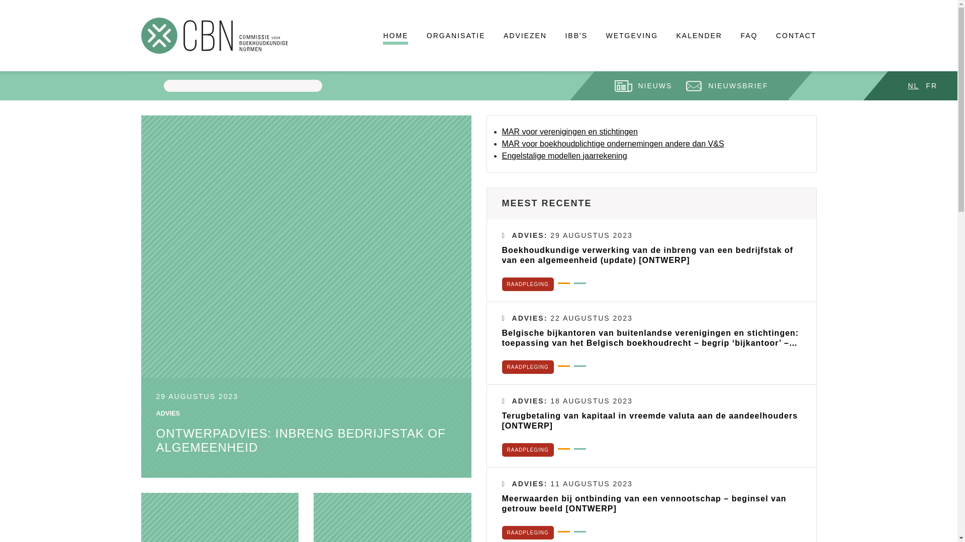 The height and width of the screenshot is (542, 965). I want to click on 'ONTWERPADVIES: INBRENG BEDRIJFSTAK OF ALGEMEENHEID', so click(300, 440).